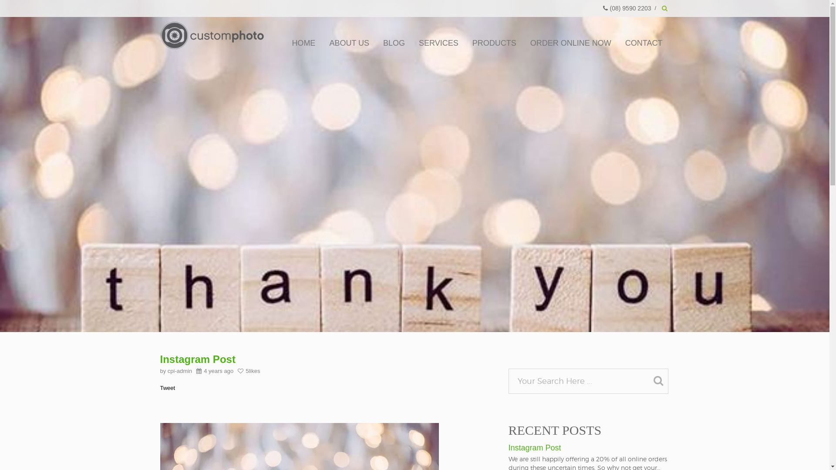 Image resolution: width=836 pixels, height=470 pixels. What do you see at coordinates (438, 43) in the screenshot?
I see `'SERVICES'` at bounding box center [438, 43].